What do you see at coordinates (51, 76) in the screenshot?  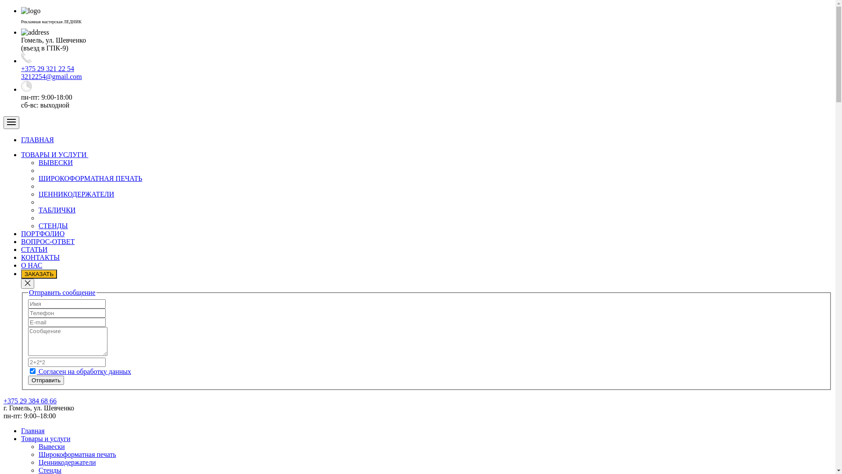 I see `'3212254@gmail.com'` at bounding box center [51, 76].